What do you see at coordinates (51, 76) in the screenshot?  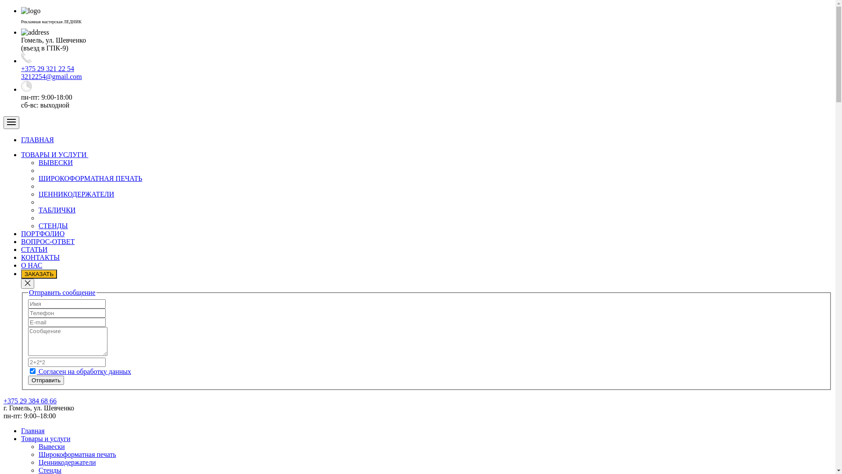 I see `'3212254@gmail.com'` at bounding box center [51, 76].